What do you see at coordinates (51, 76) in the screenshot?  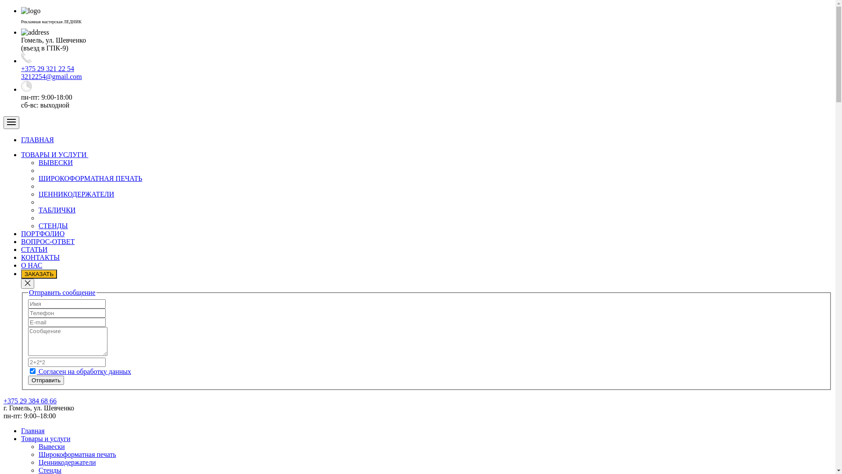 I see `'3212254@gmail.com'` at bounding box center [51, 76].